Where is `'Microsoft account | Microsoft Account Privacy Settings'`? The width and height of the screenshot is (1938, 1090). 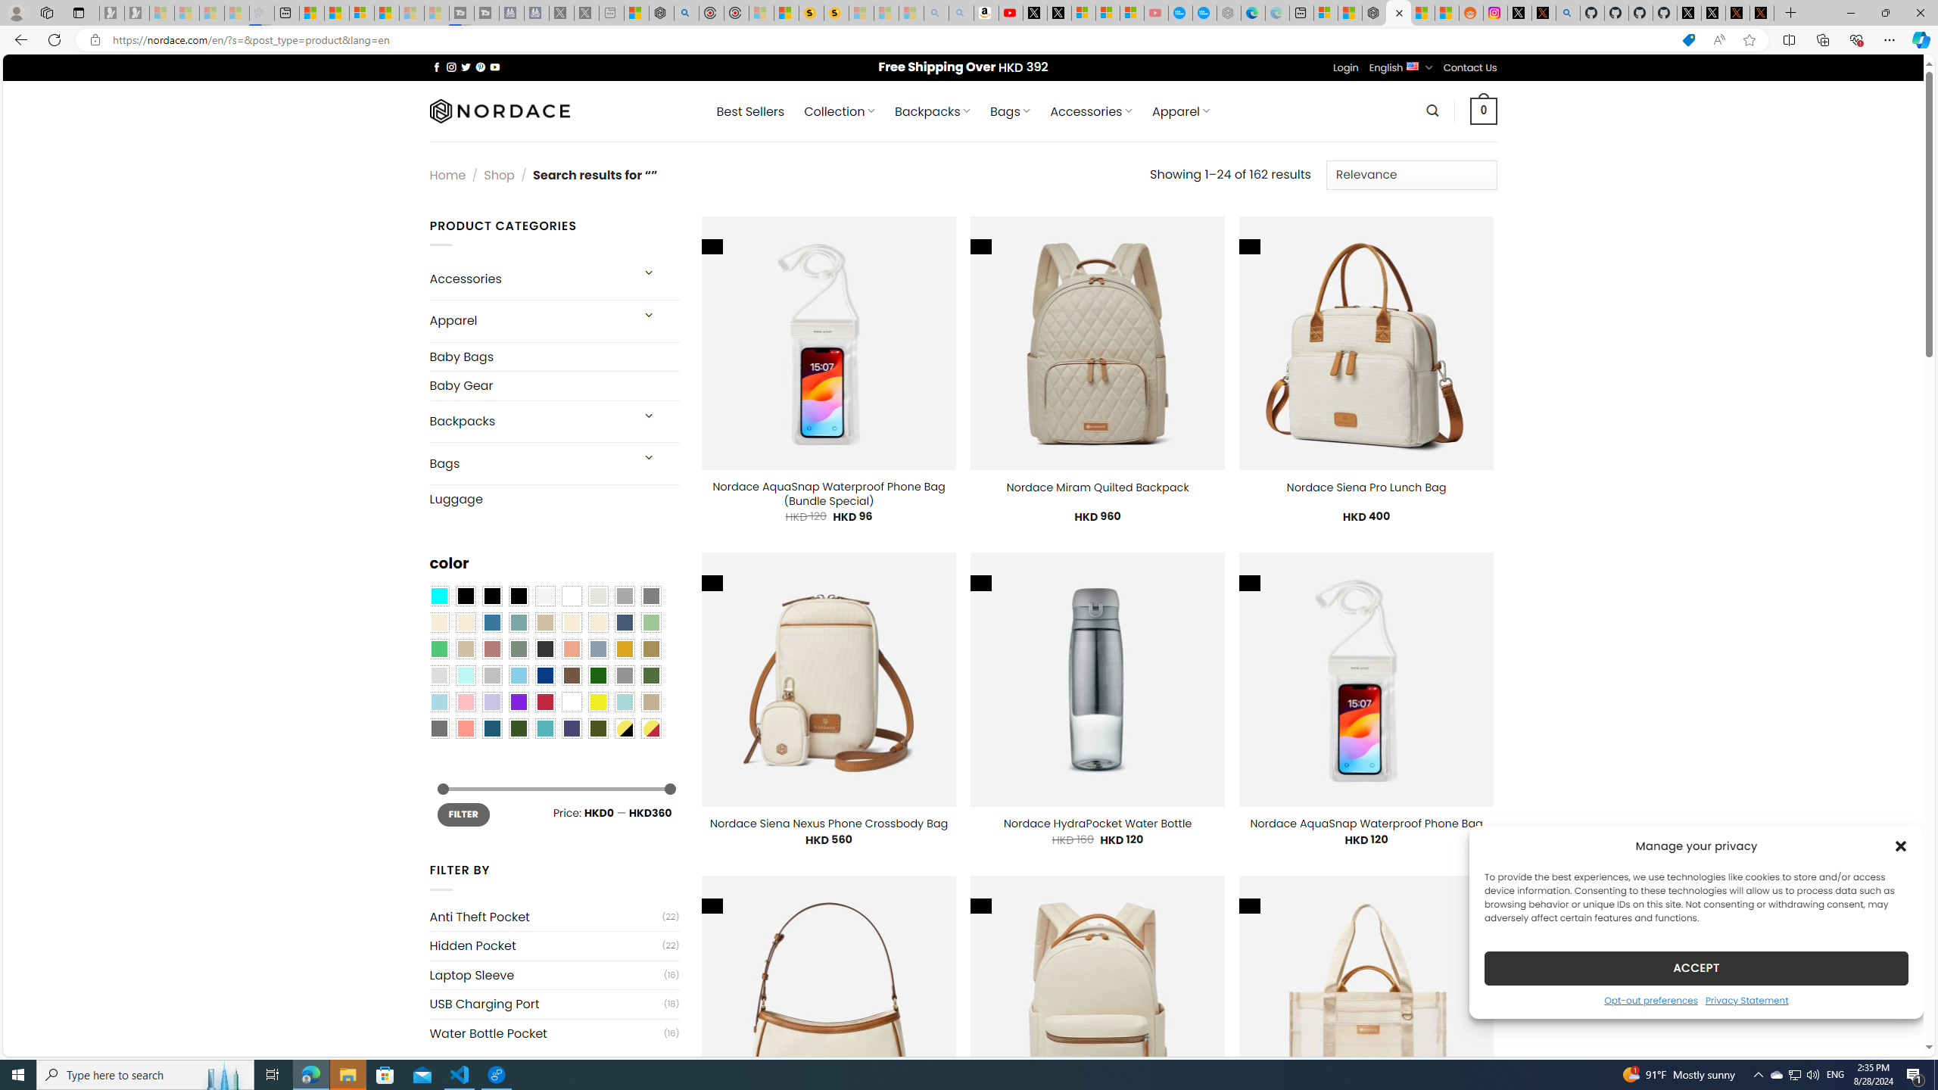 'Microsoft account | Microsoft Account Privacy Settings' is located at coordinates (1326, 12).